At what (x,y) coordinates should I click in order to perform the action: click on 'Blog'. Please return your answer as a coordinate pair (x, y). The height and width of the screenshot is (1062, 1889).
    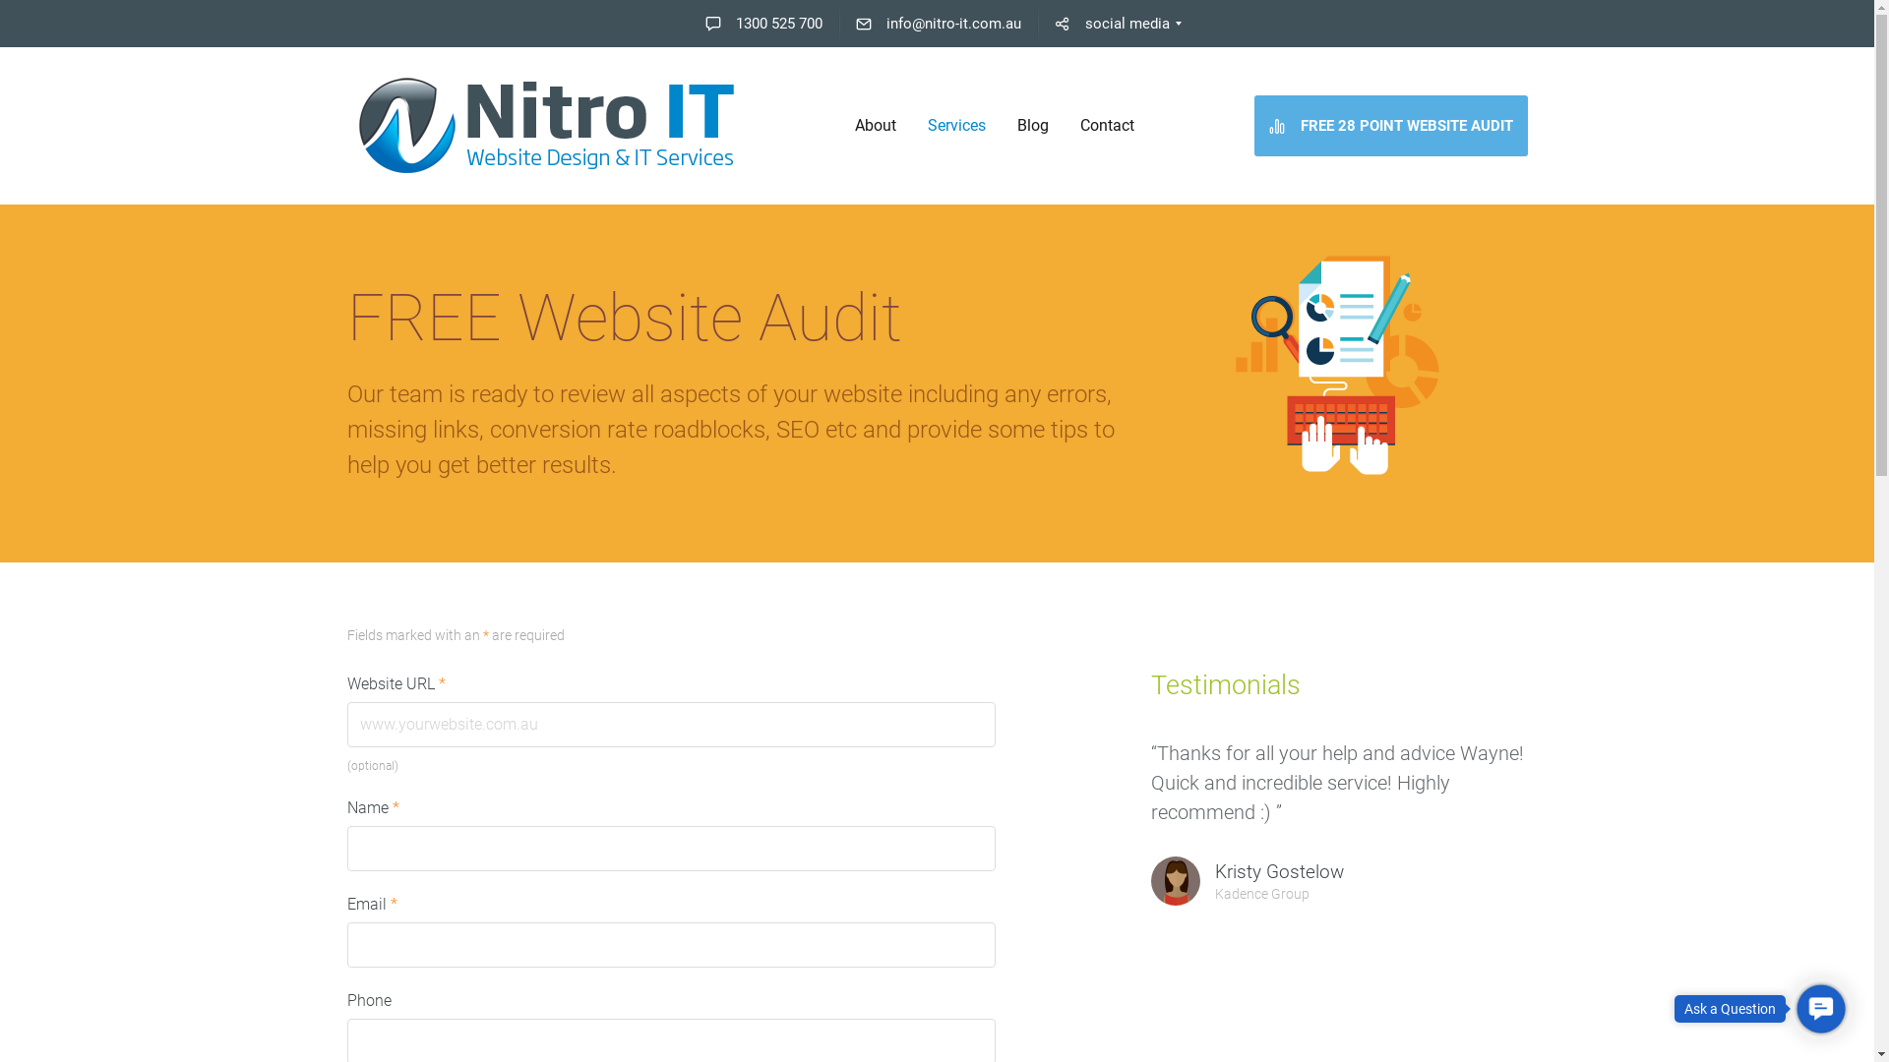
    Looking at the image, I should click on (1032, 125).